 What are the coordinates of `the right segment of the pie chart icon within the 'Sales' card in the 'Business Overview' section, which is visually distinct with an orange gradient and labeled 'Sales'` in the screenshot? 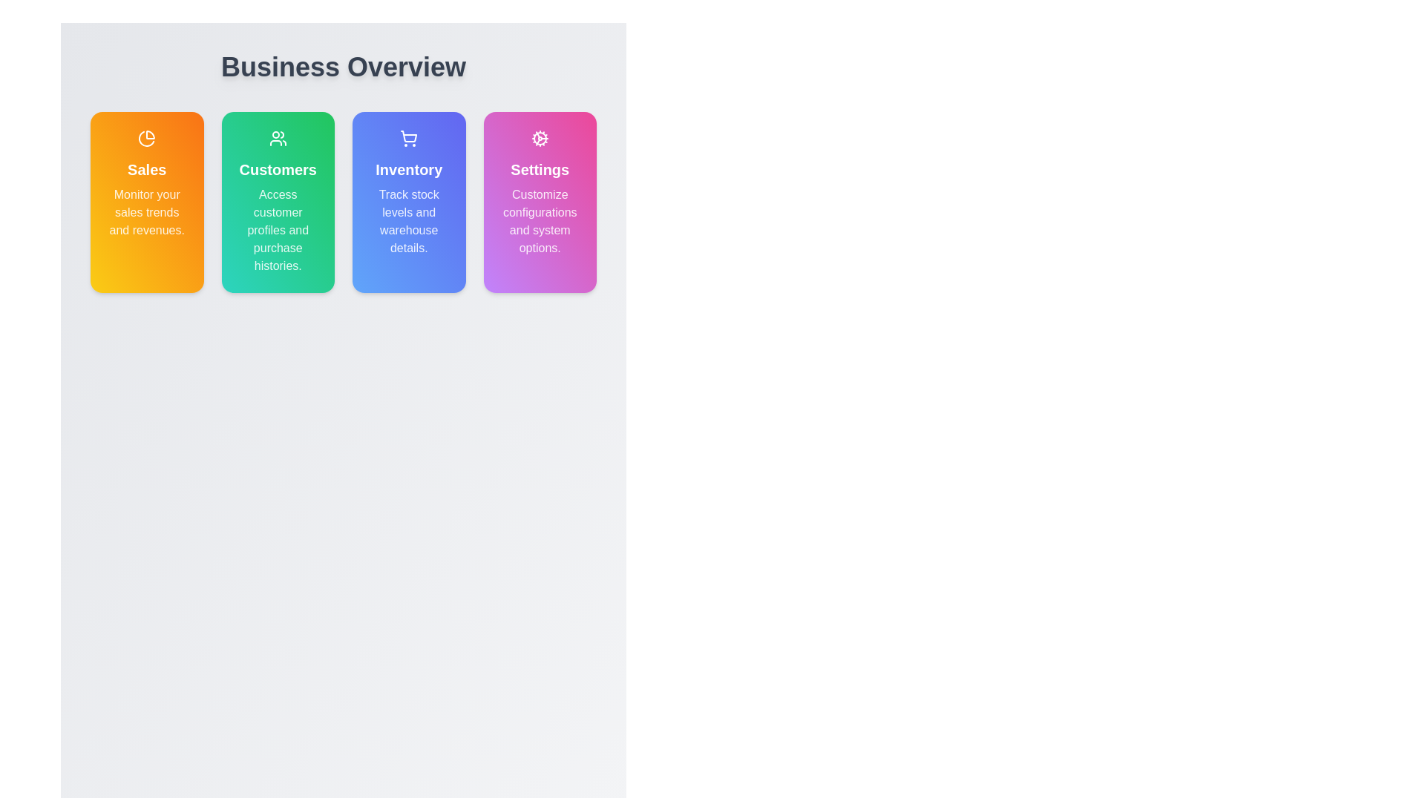 It's located at (151, 134).